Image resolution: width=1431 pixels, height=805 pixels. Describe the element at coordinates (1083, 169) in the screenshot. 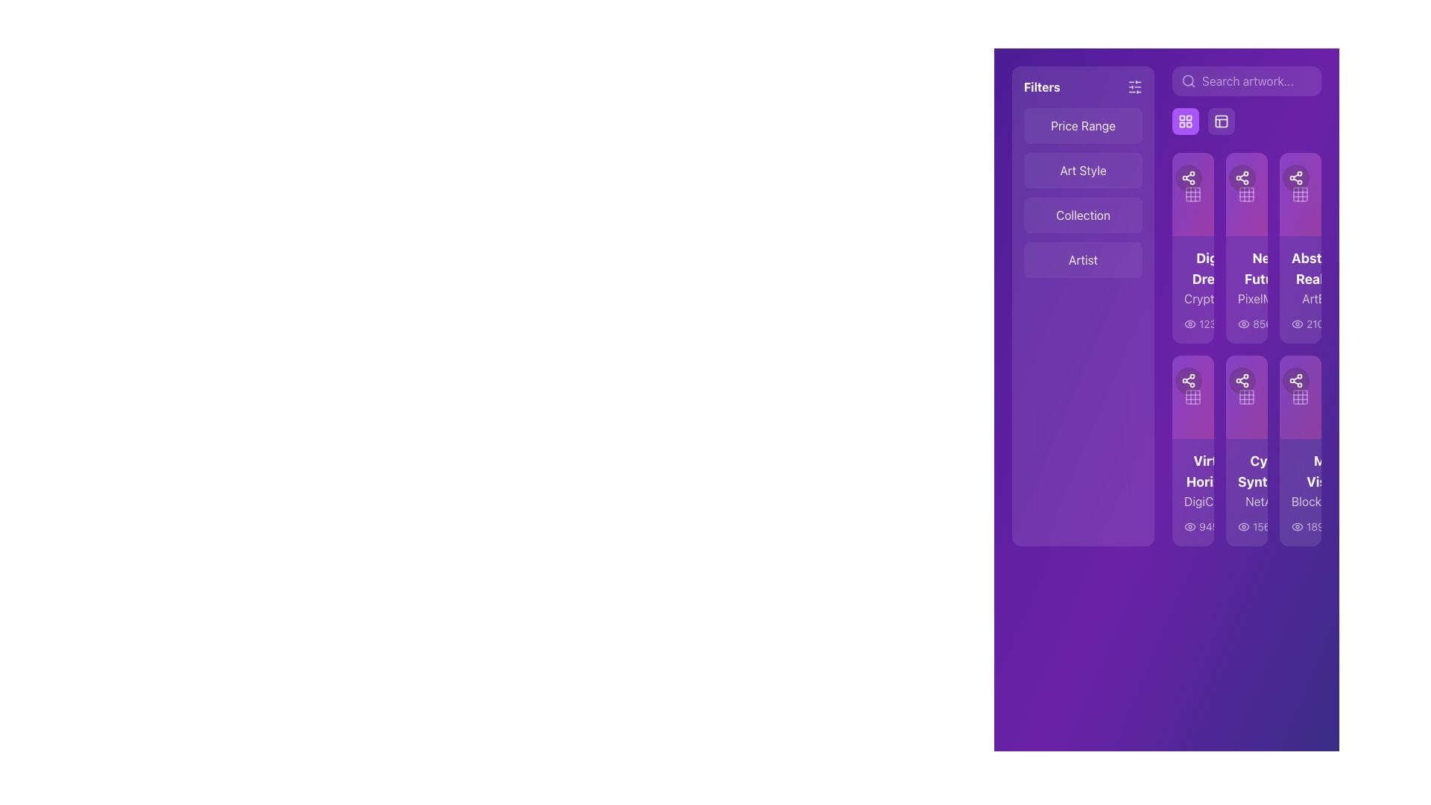

I see `text of the 'Art Style' label, which is positioned centrally within a vertically oriented menu, located below the 'Price Range' menu item and above the 'Collection' item` at that location.